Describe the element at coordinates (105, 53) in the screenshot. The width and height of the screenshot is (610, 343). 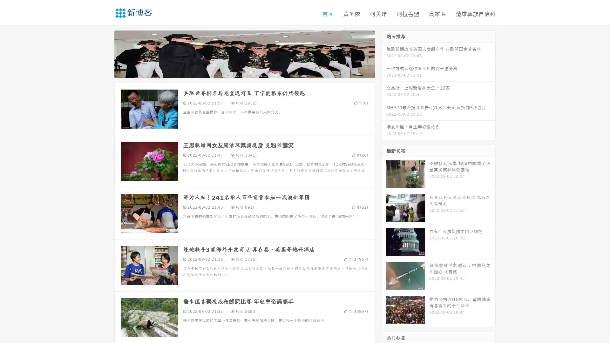
I see `Previous slide` at that location.